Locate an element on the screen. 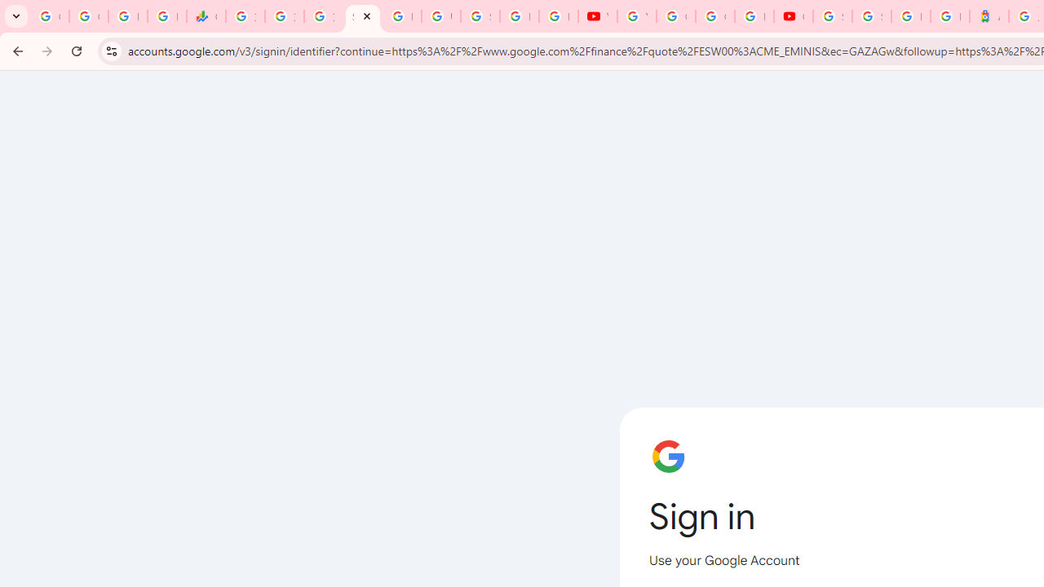  'Google Workspace Admin Community' is located at coordinates (49, 16).